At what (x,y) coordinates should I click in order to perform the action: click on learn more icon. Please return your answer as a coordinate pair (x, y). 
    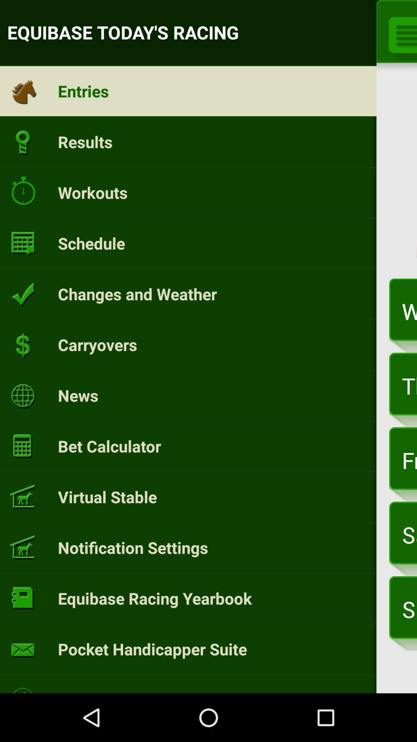
    Looking at the image, I should click on (98, 685).